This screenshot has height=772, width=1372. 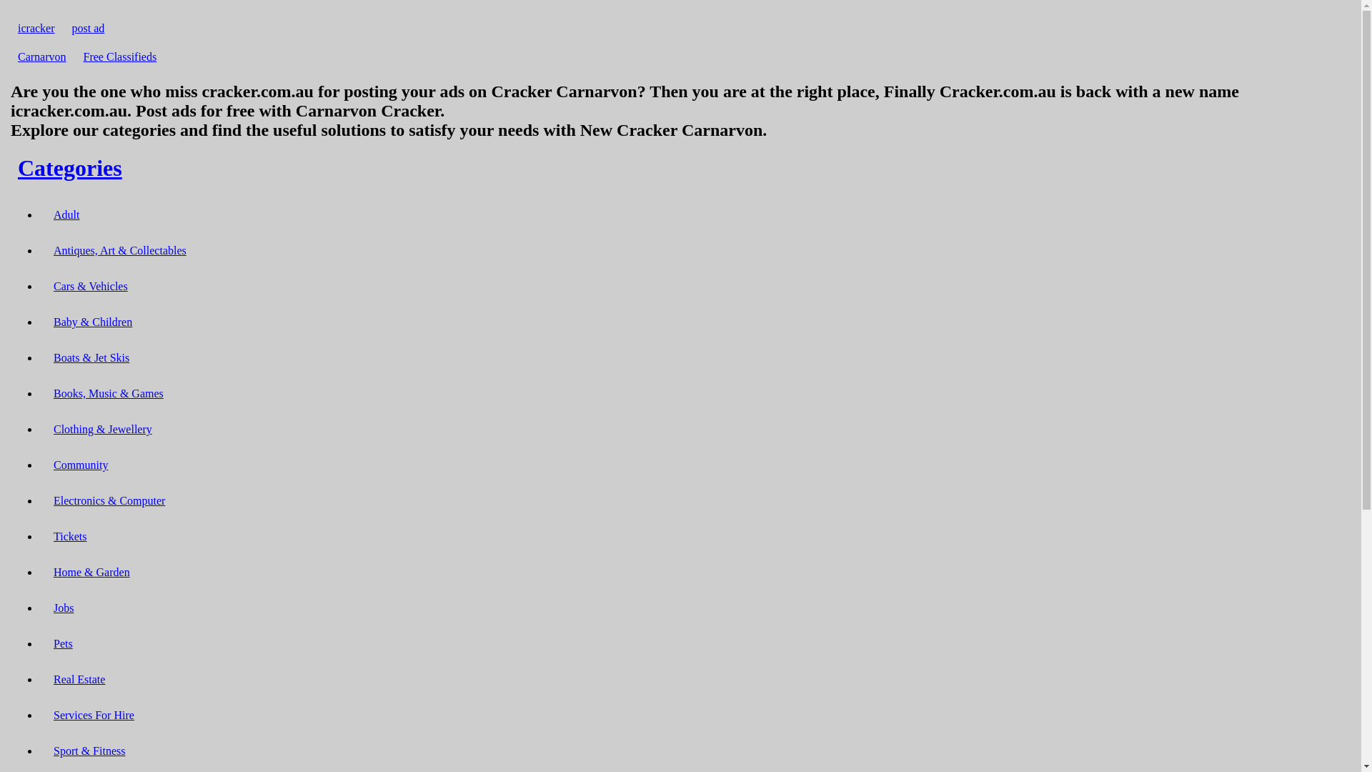 I want to click on 'Books, Music & Games', so click(x=108, y=393).